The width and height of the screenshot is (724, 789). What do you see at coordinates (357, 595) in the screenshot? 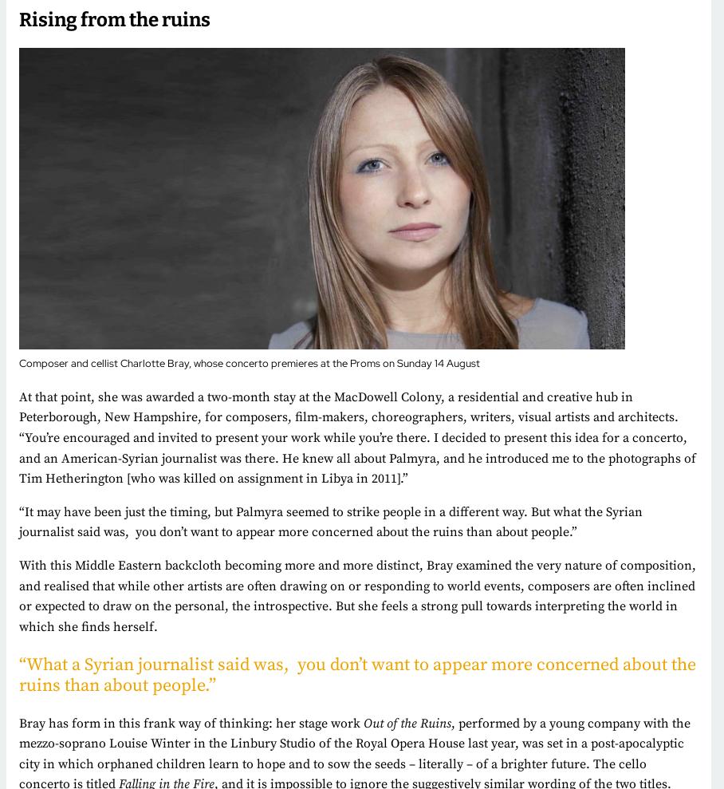
I see `'With this Middle Eastern backcloth becoming more and more distinct, Bray examined the very nature of composition, and realised that while other artists are often drawing on or responding to world events, composers are often inclined or expected to draw on the personal, the introspective. But she feels a strong pull towards interpreting the world in which she finds herself.'` at bounding box center [357, 595].